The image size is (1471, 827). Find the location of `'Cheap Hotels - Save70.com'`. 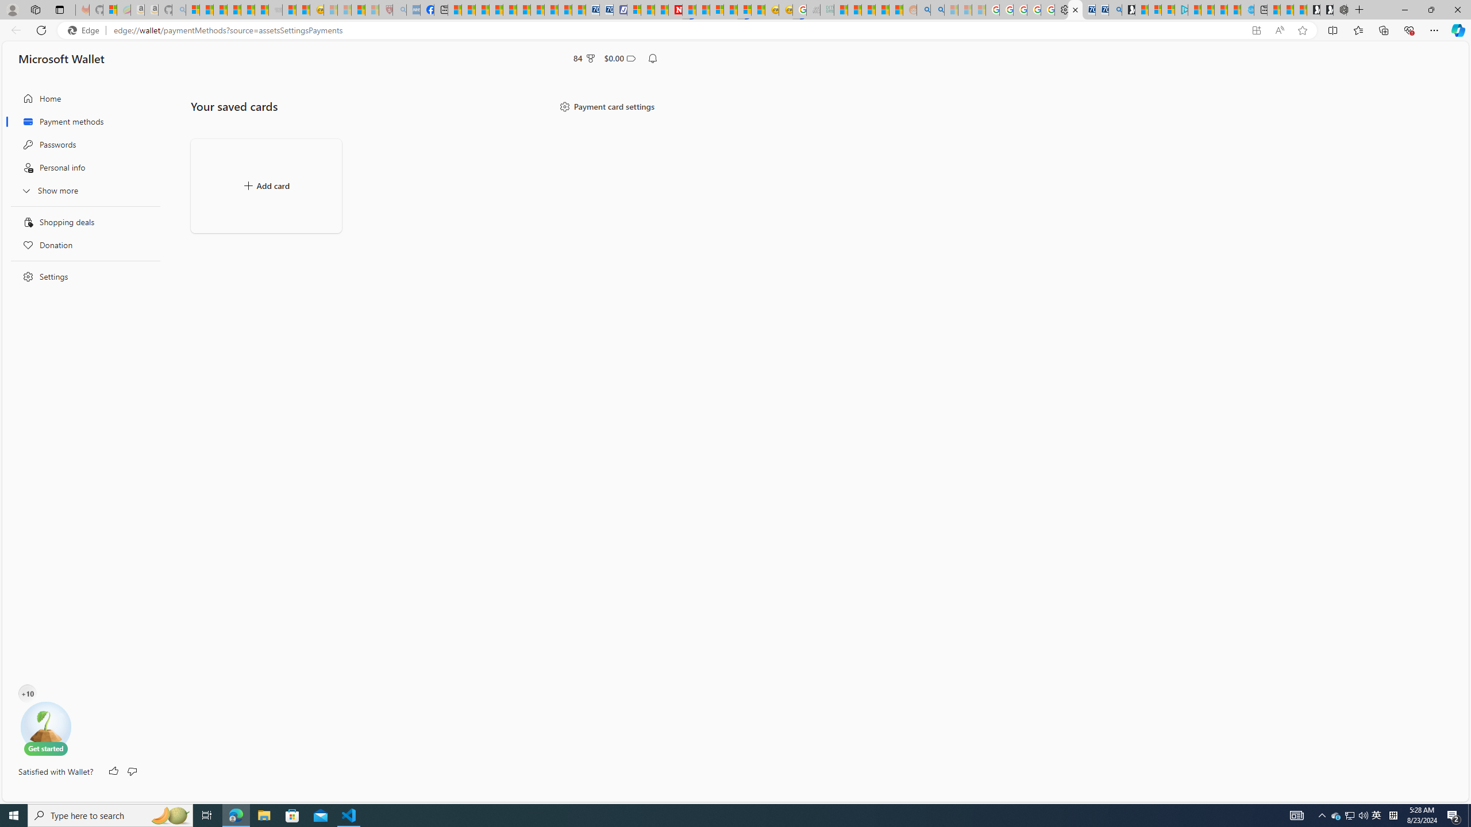

'Cheap Hotels - Save70.com' is located at coordinates (605, 9).